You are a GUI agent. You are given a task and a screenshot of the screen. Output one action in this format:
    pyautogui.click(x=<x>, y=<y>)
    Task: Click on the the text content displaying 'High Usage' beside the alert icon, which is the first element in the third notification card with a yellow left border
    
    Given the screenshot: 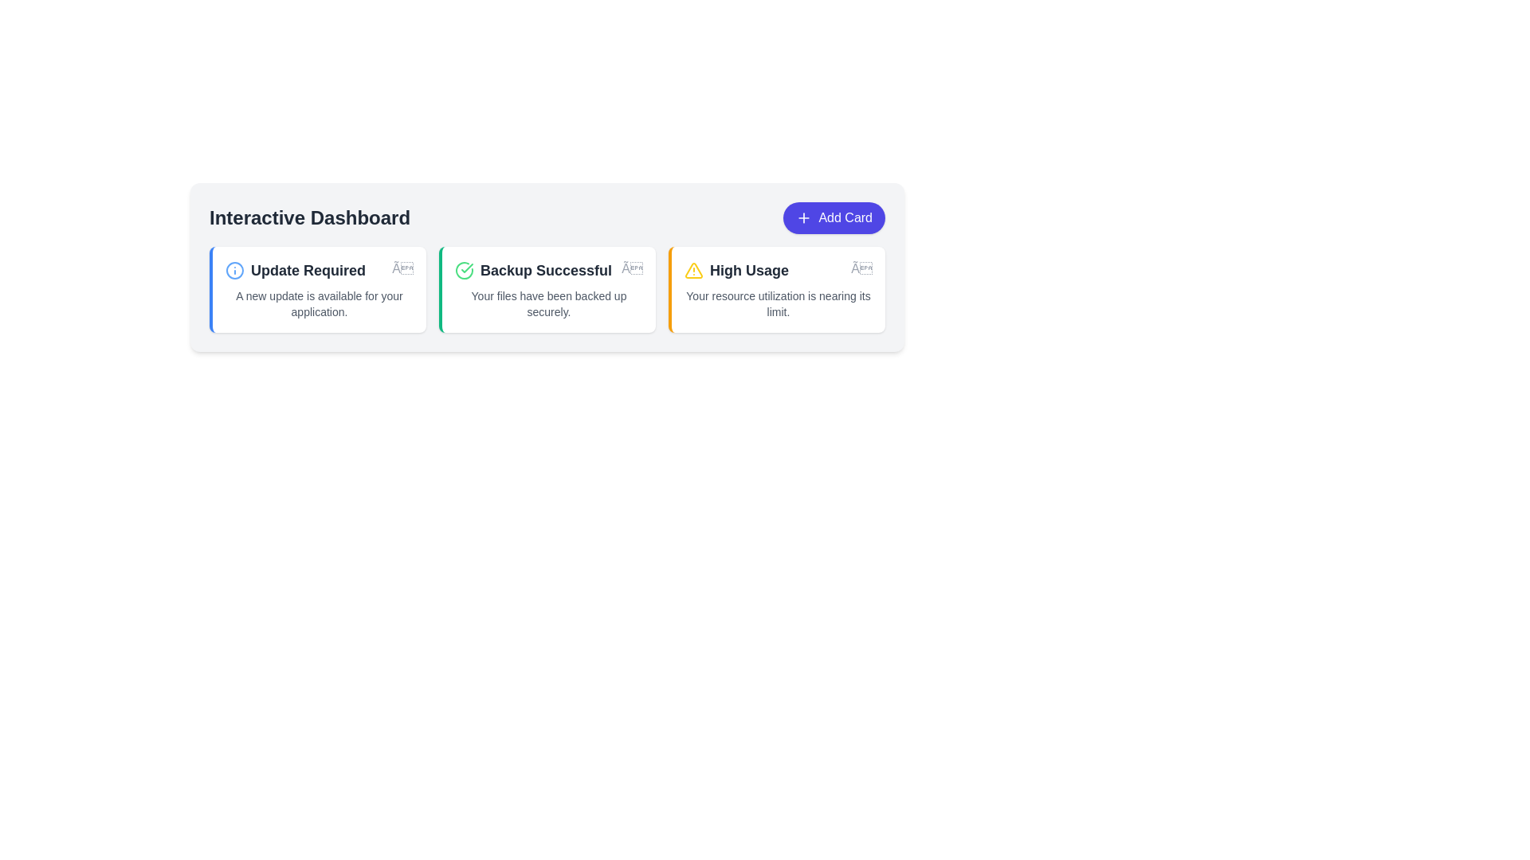 What is the action you would take?
    pyautogui.click(x=779, y=269)
    